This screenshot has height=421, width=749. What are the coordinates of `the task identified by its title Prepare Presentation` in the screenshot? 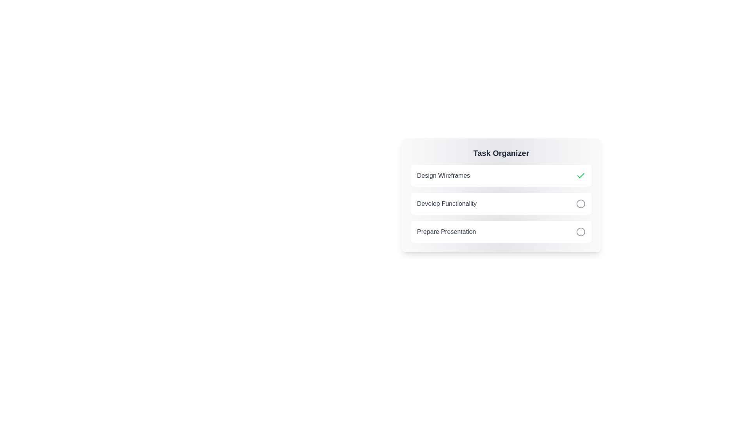 It's located at (580, 231).